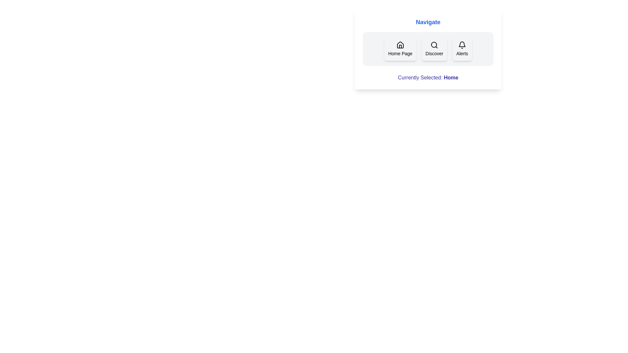 The width and height of the screenshot is (628, 353). I want to click on the 'Discover' button, which is a vertical button with a magnifying glass icon and text, to scale it up and change its background and text color, so click(434, 49).